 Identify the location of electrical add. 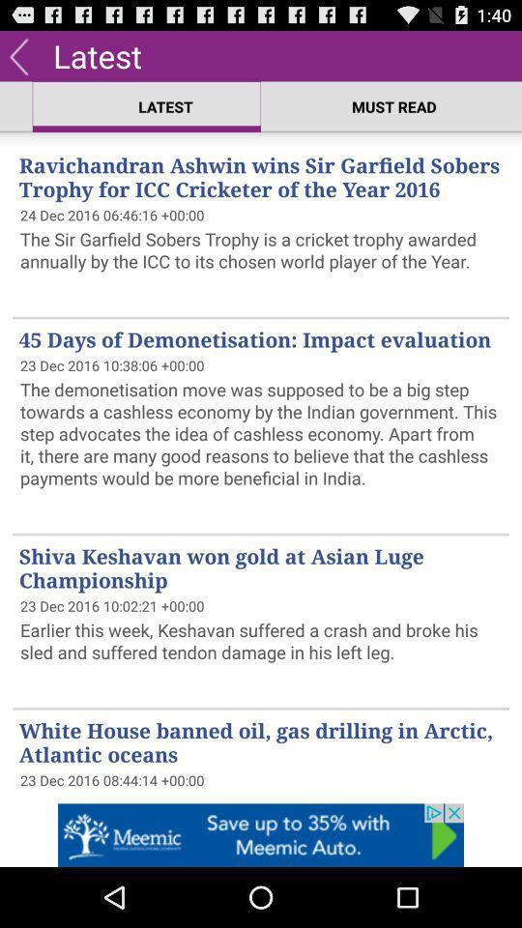
(261, 834).